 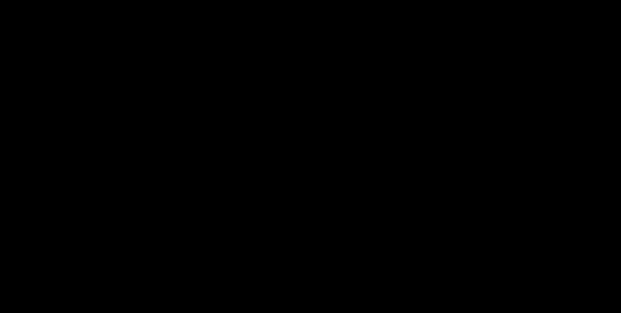 I want to click on 'Contact', so click(x=86, y=260).